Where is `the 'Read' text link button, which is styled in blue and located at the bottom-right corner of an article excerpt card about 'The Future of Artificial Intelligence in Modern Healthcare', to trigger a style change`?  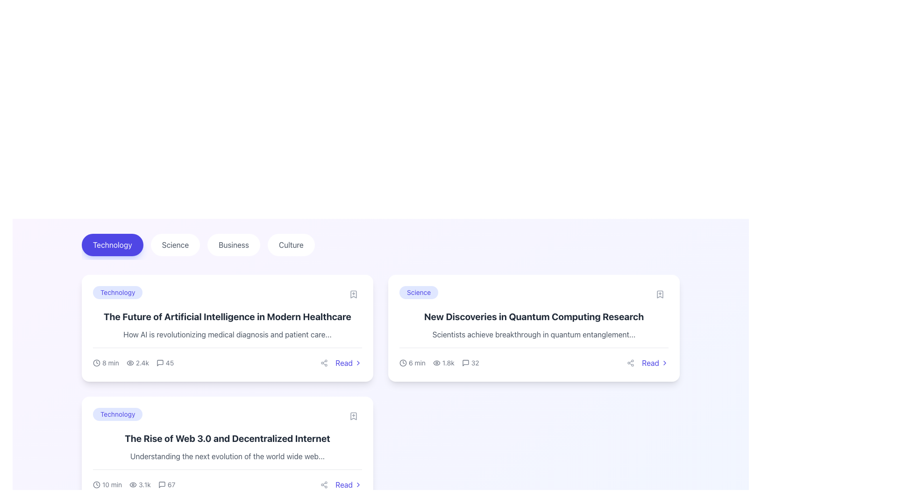 the 'Read' text link button, which is styled in blue and located at the bottom-right corner of an article excerpt card about 'The Future of Artificial Intelligence in Modern Healthcare', to trigger a style change is located at coordinates (339, 363).